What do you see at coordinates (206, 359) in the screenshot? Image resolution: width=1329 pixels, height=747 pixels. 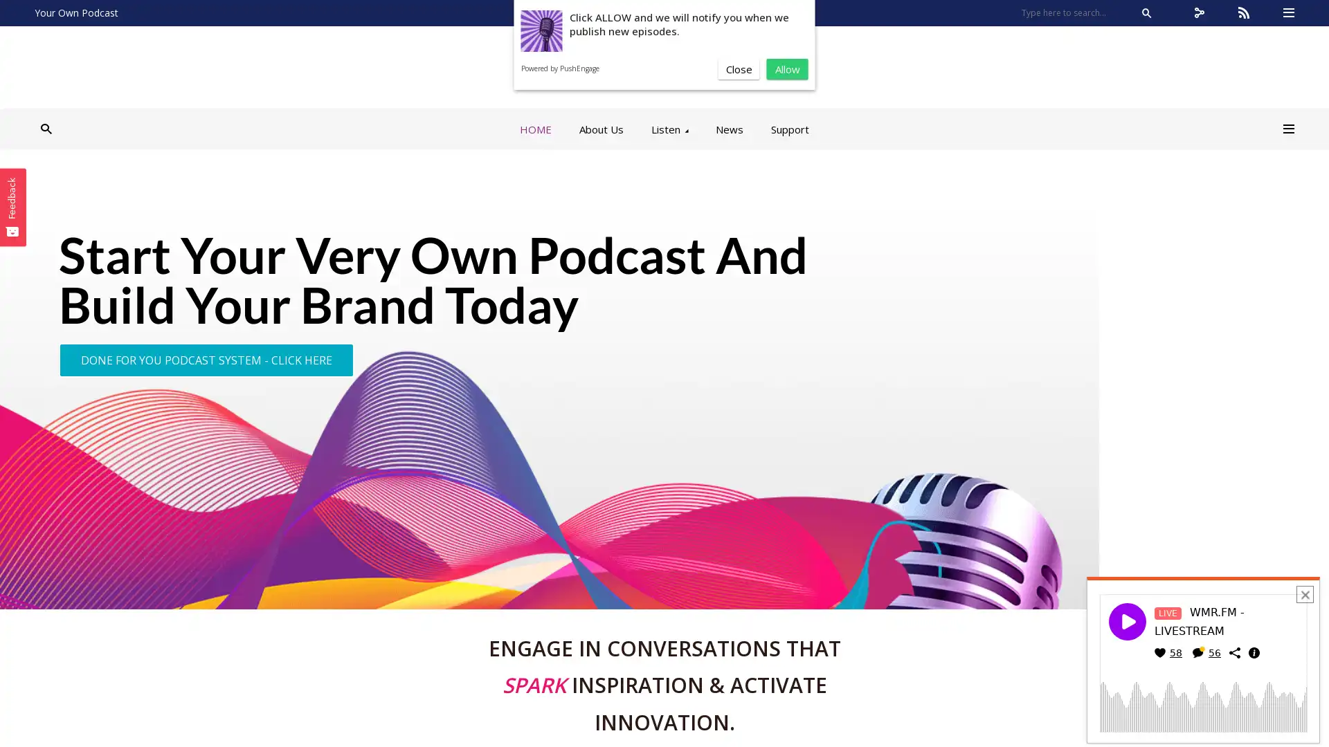 I see `DONE FOR YOU PODCAST SYSTEM - CLICK HERE` at bounding box center [206, 359].